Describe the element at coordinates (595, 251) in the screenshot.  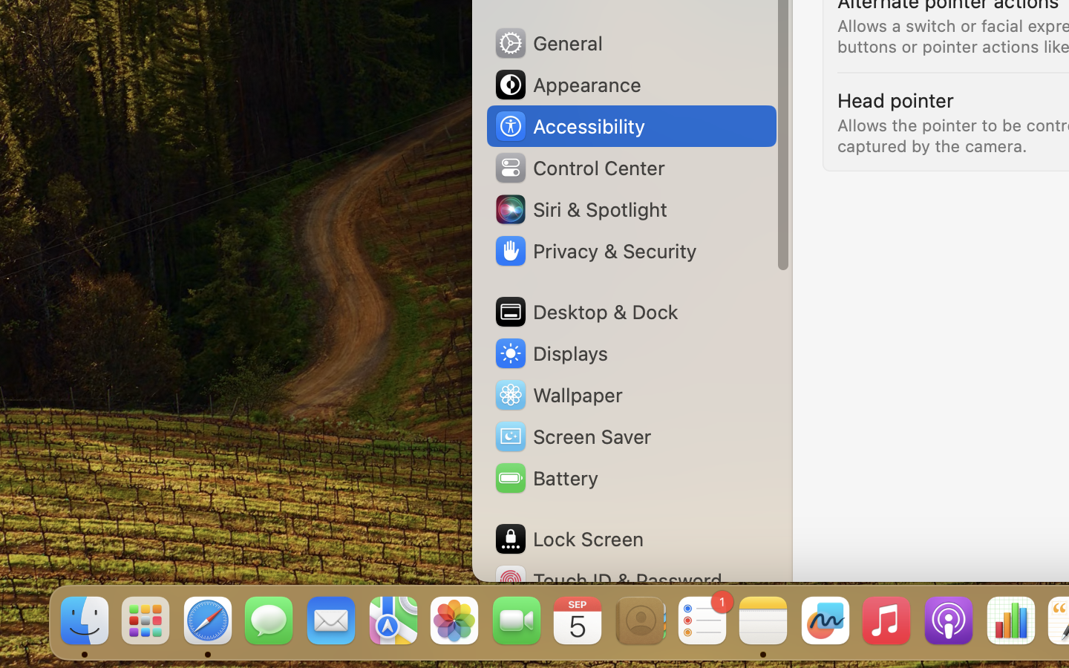
I see `'Privacy & Security'` at that location.